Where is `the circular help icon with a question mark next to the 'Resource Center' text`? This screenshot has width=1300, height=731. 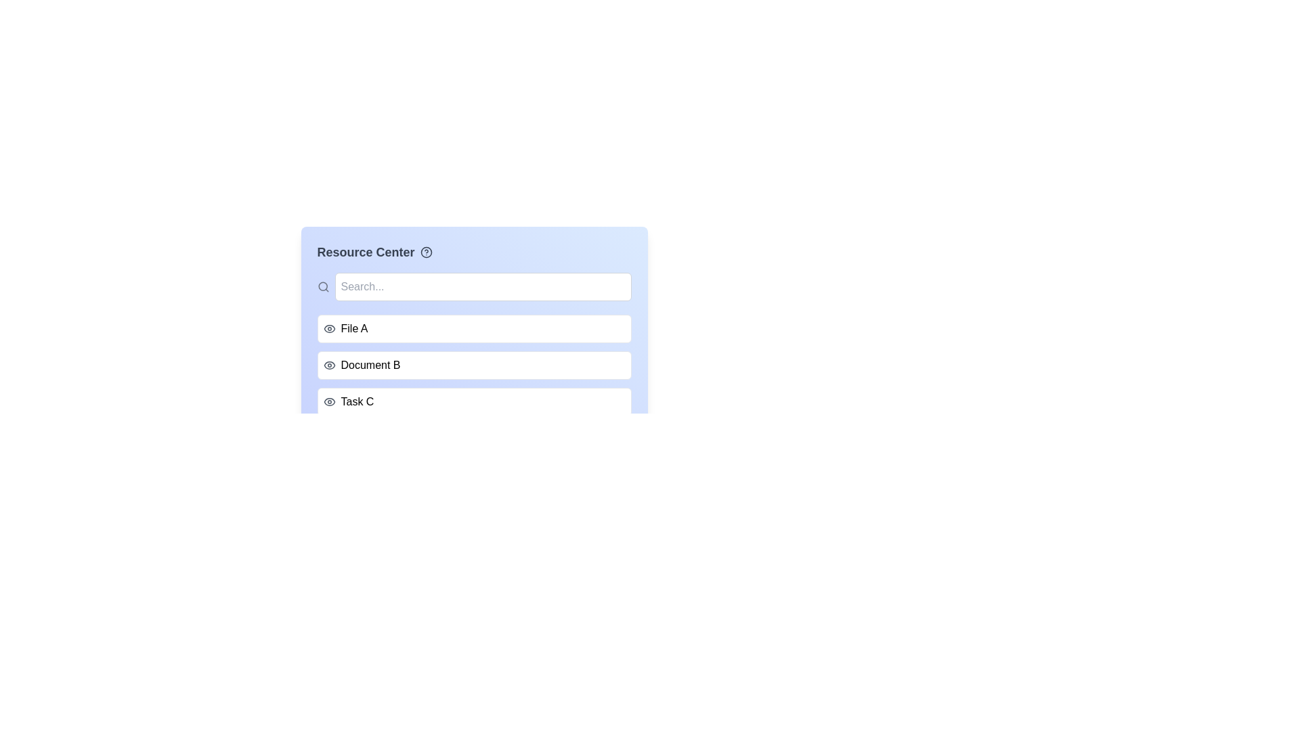 the circular help icon with a question mark next to the 'Resource Center' text is located at coordinates (425, 252).